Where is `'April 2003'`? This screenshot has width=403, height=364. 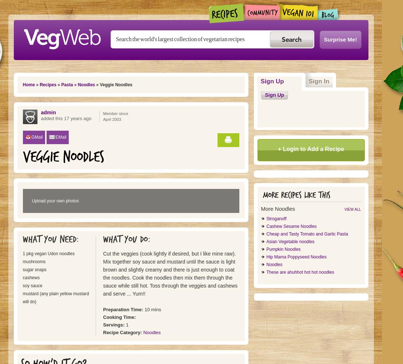
'April 2003' is located at coordinates (112, 119).